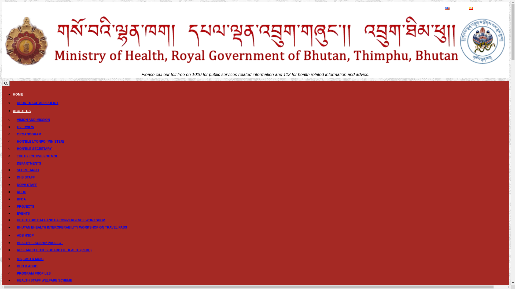 The image size is (515, 289). I want to click on 'MS, CMO & MOIC', so click(30, 259).